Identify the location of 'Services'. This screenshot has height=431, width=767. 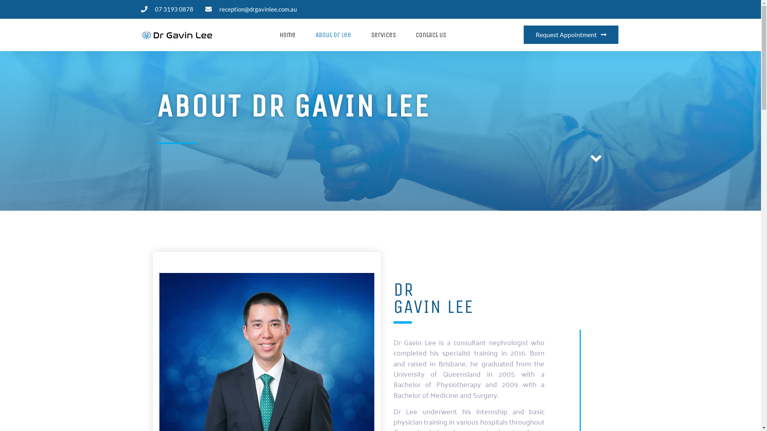
(383, 34).